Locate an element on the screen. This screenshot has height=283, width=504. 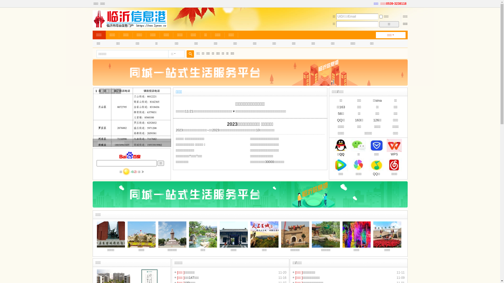
'WPS' is located at coordinates (391, 154).